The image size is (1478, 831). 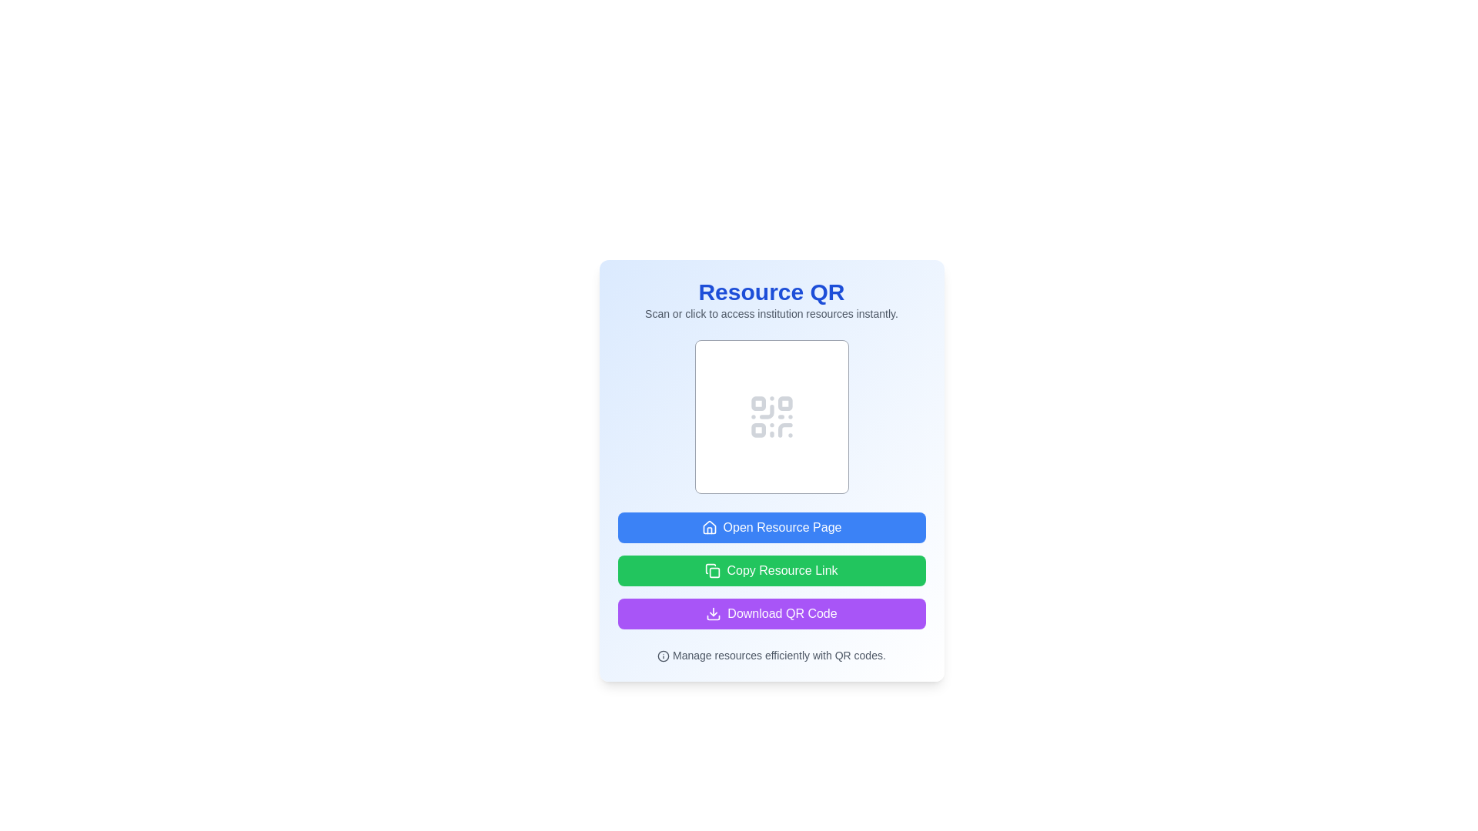 I want to click on the Text label which serves as the title or heading for the card section, located at the topmost portion of the card interface, so click(x=771, y=292).